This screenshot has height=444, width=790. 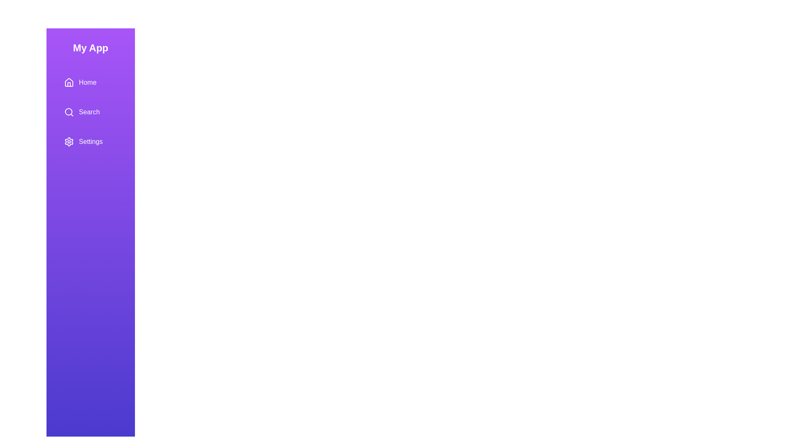 I want to click on the menu item Home to trigger the hover effect, so click(x=91, y=82).